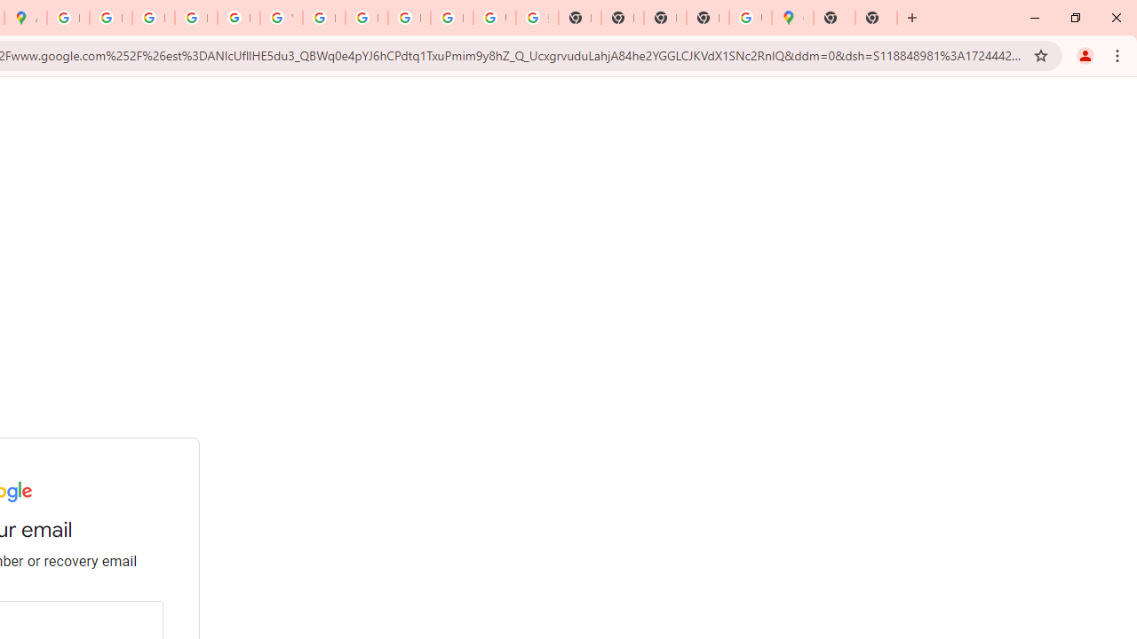  Describe the element at coordinates (153, 18) in the screenshot. I see `'Privacy Help Center - Policies Help'` at that location.